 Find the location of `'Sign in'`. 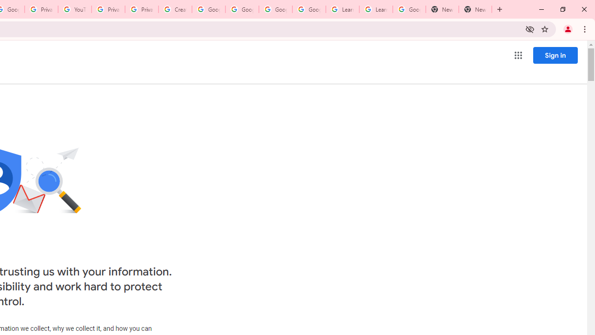

'Sign in' is located at coordinates (555, 55).